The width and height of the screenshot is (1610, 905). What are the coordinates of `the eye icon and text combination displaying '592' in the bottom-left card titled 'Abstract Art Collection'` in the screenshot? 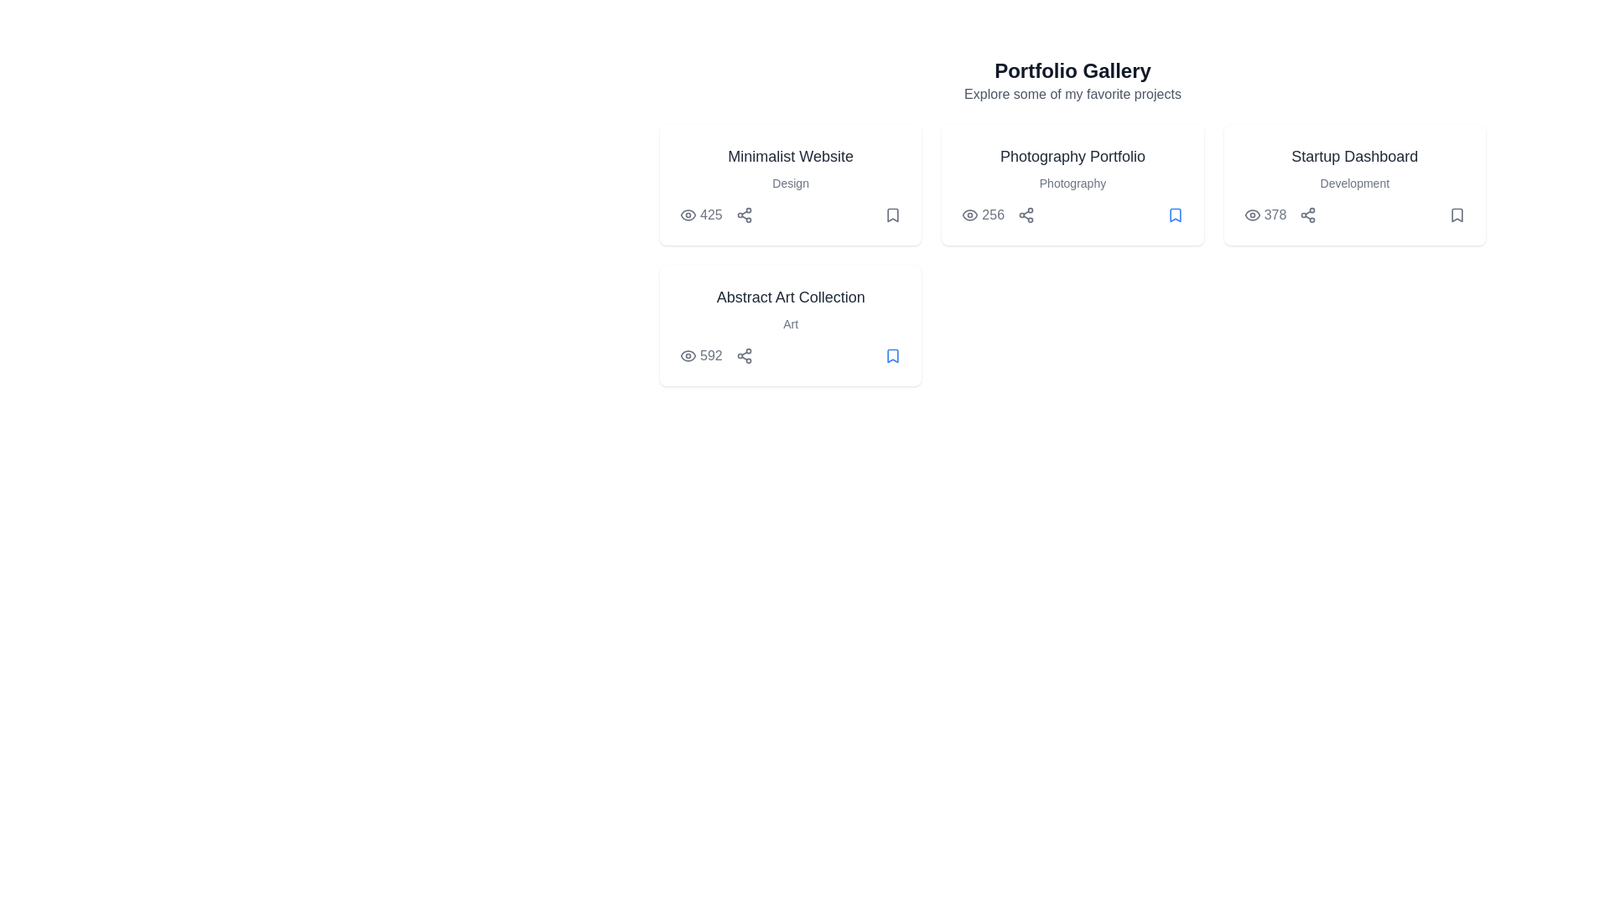 It's located at (701, 354).